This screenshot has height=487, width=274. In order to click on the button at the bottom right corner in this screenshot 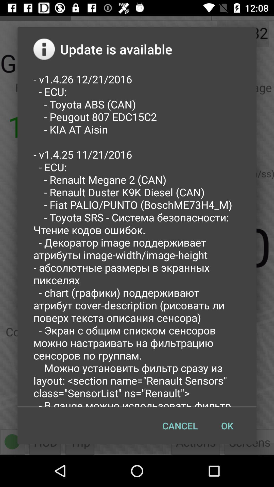, I will do `click(227, 426)`.